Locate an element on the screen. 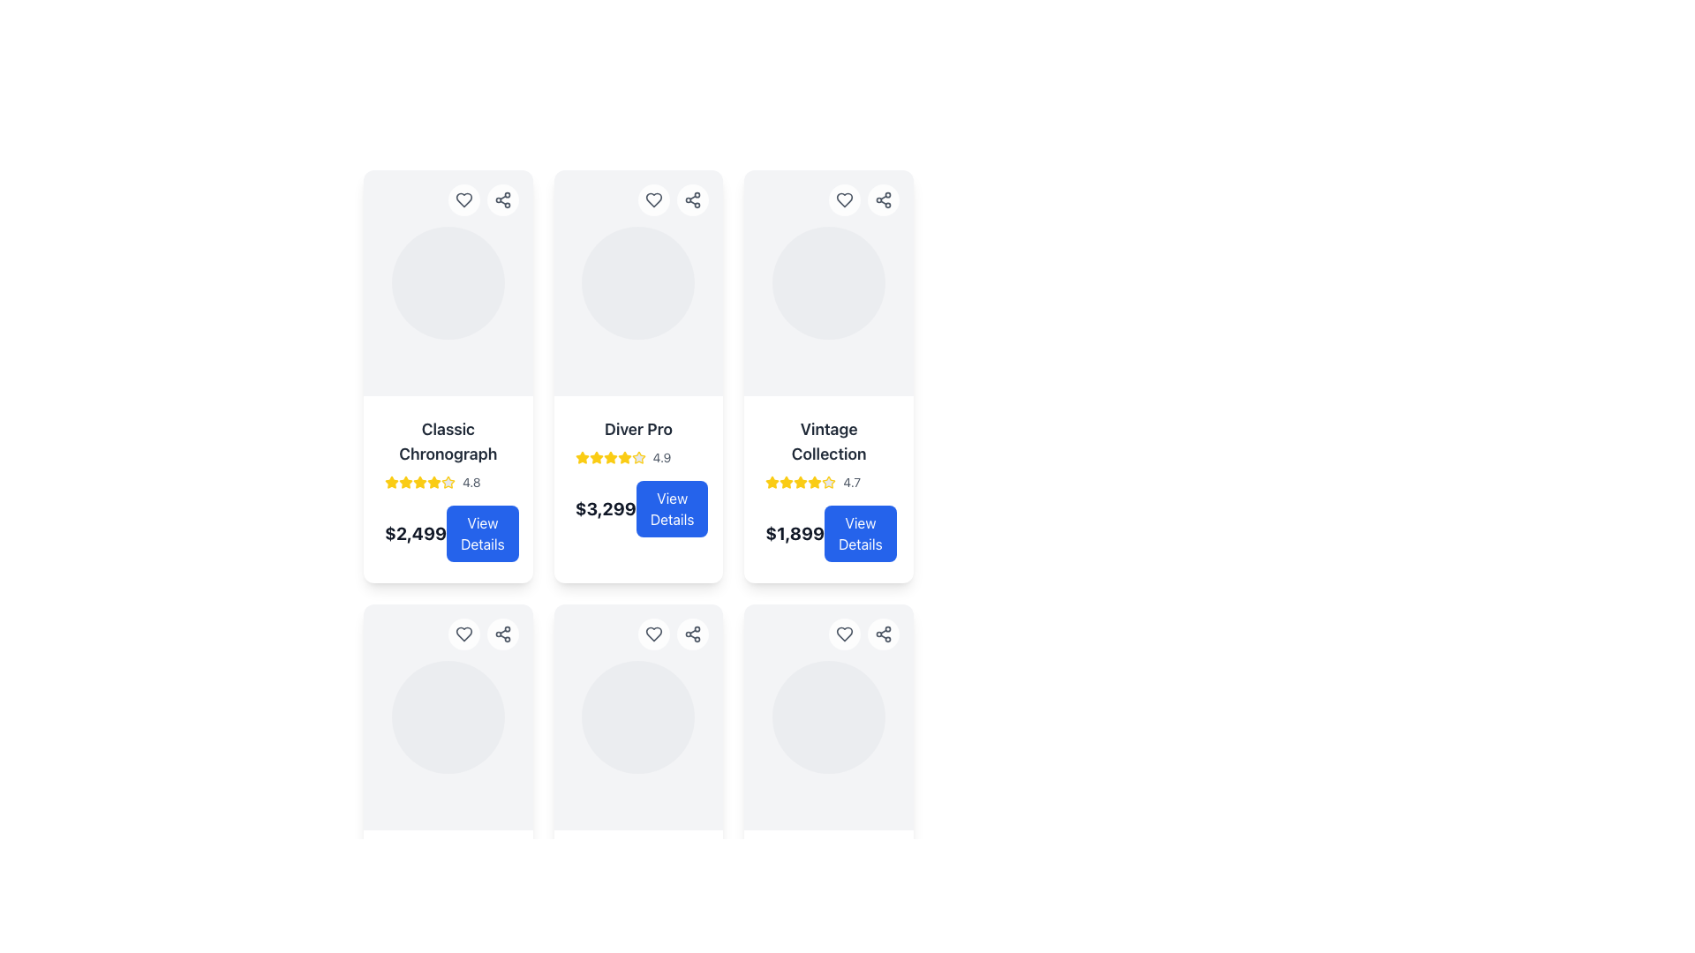  the rating displayed on the Product card, which is the third item in a horizontal list of product cards in the grid section is located at coordinates (828, 490).